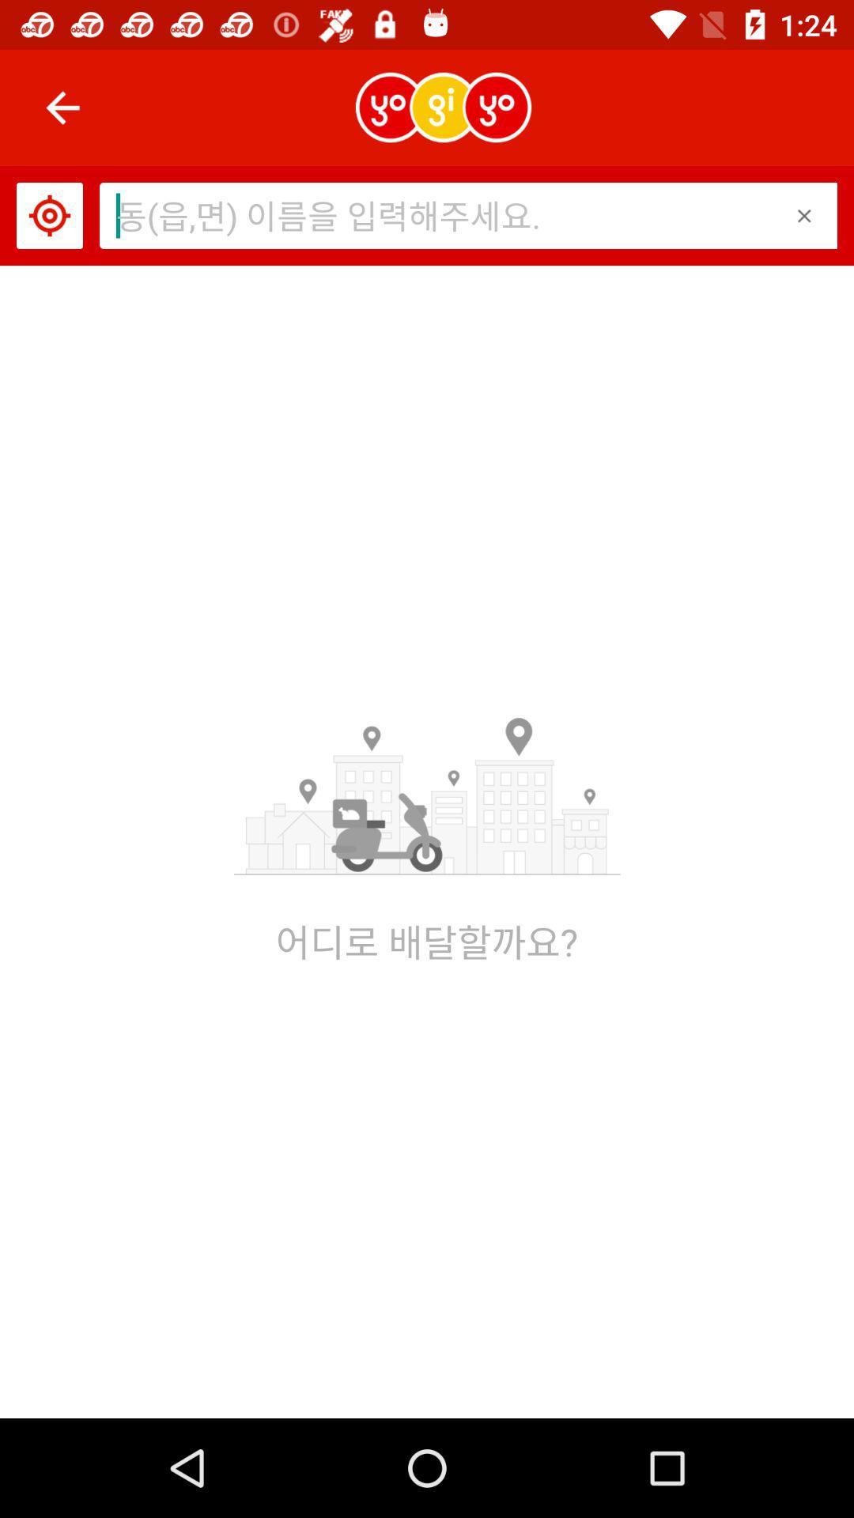 The width and height of the screenshot is (854, 1518). I want to click on the item at the top right corner, so click(804, 215).